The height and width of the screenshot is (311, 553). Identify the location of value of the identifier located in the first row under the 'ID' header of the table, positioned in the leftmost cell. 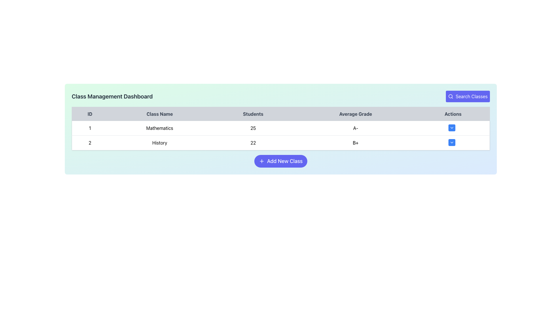
(90, 128).